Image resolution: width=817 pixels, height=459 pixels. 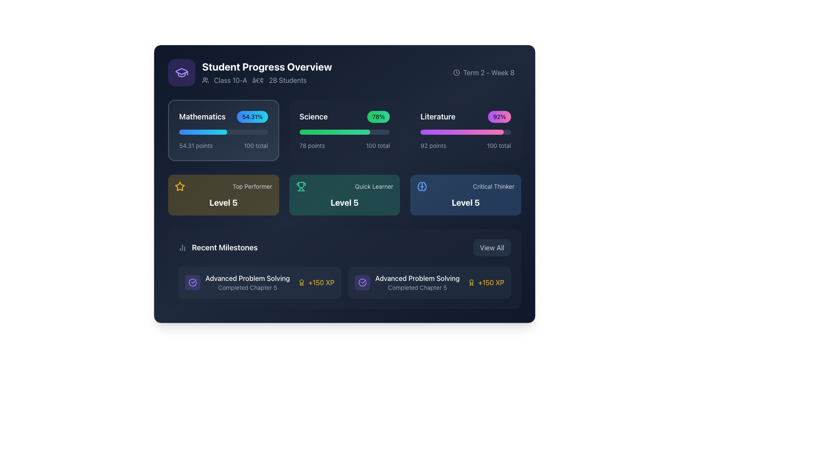 What do you see at coordinates (252, 116) in the screenshot?
I see `the small rectangular badge with a gradient background transitioning from blue to cyan, displaying the text '54.31%', located to the right of the 'Mathematics' text in the top-left section of the interface` at bounding box center [252, 116].